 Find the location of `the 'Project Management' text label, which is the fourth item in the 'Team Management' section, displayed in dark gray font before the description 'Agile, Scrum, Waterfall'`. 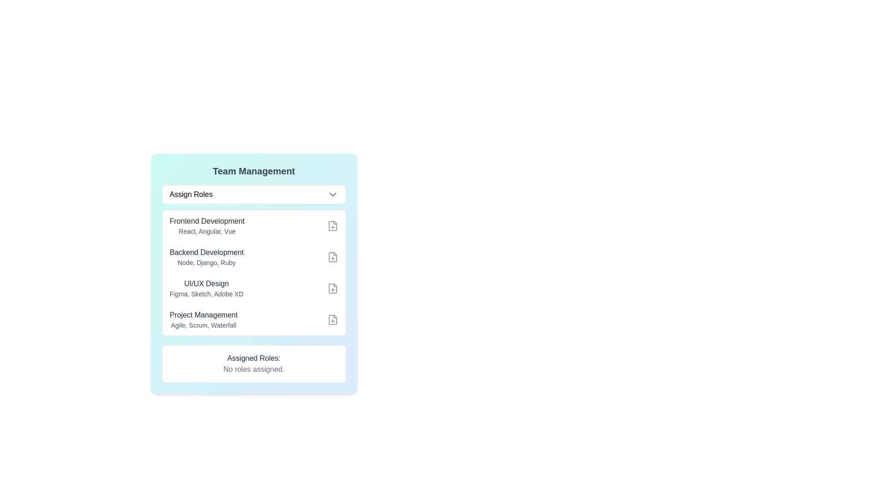

the 'Project Management' text label, which is the fourth item in the 'Team Management' section, displayed in dark gray font before the description 'Agile, Scrum, Waterfall' is located at coordinates (203, 315).